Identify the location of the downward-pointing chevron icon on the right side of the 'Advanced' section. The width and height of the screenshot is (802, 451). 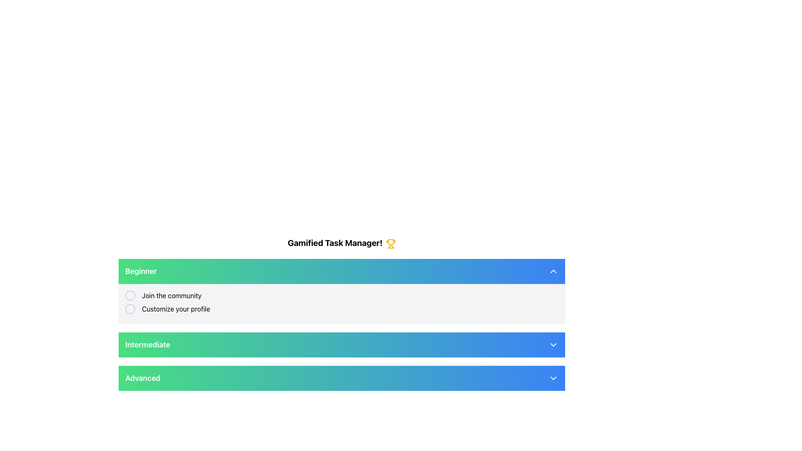
(553, 378).